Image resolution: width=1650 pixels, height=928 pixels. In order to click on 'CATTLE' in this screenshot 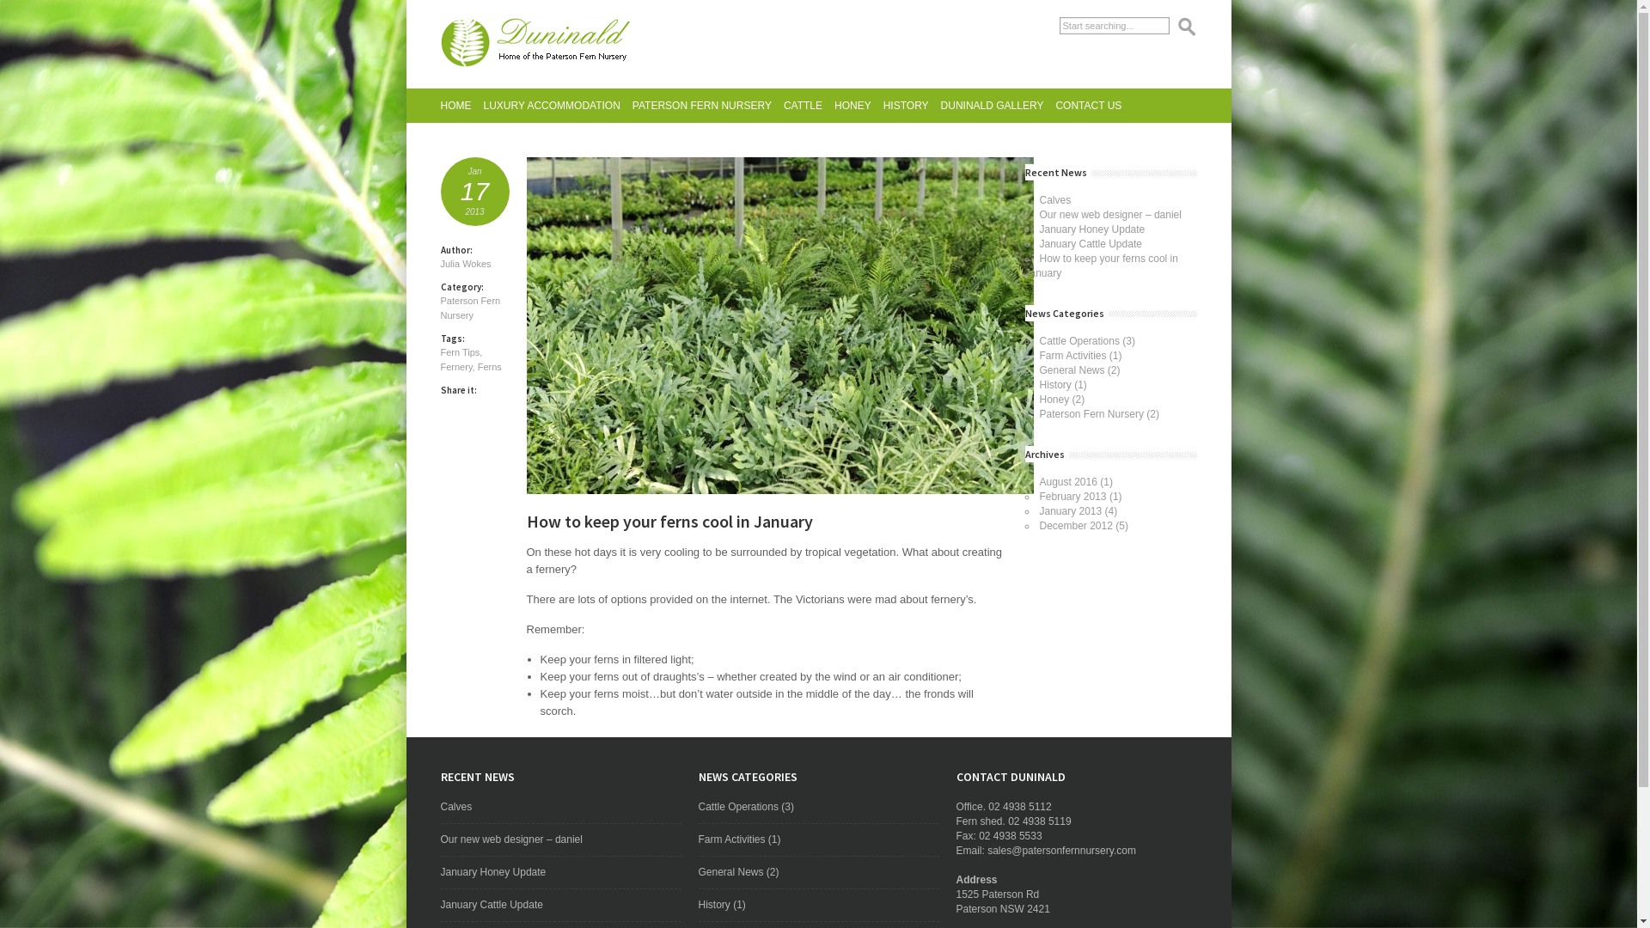, I will do `click(802, 106)`.